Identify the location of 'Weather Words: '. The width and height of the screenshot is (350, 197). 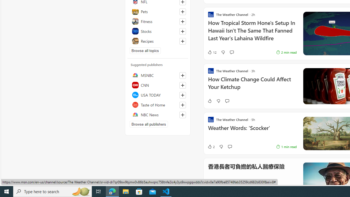
(252, 131).